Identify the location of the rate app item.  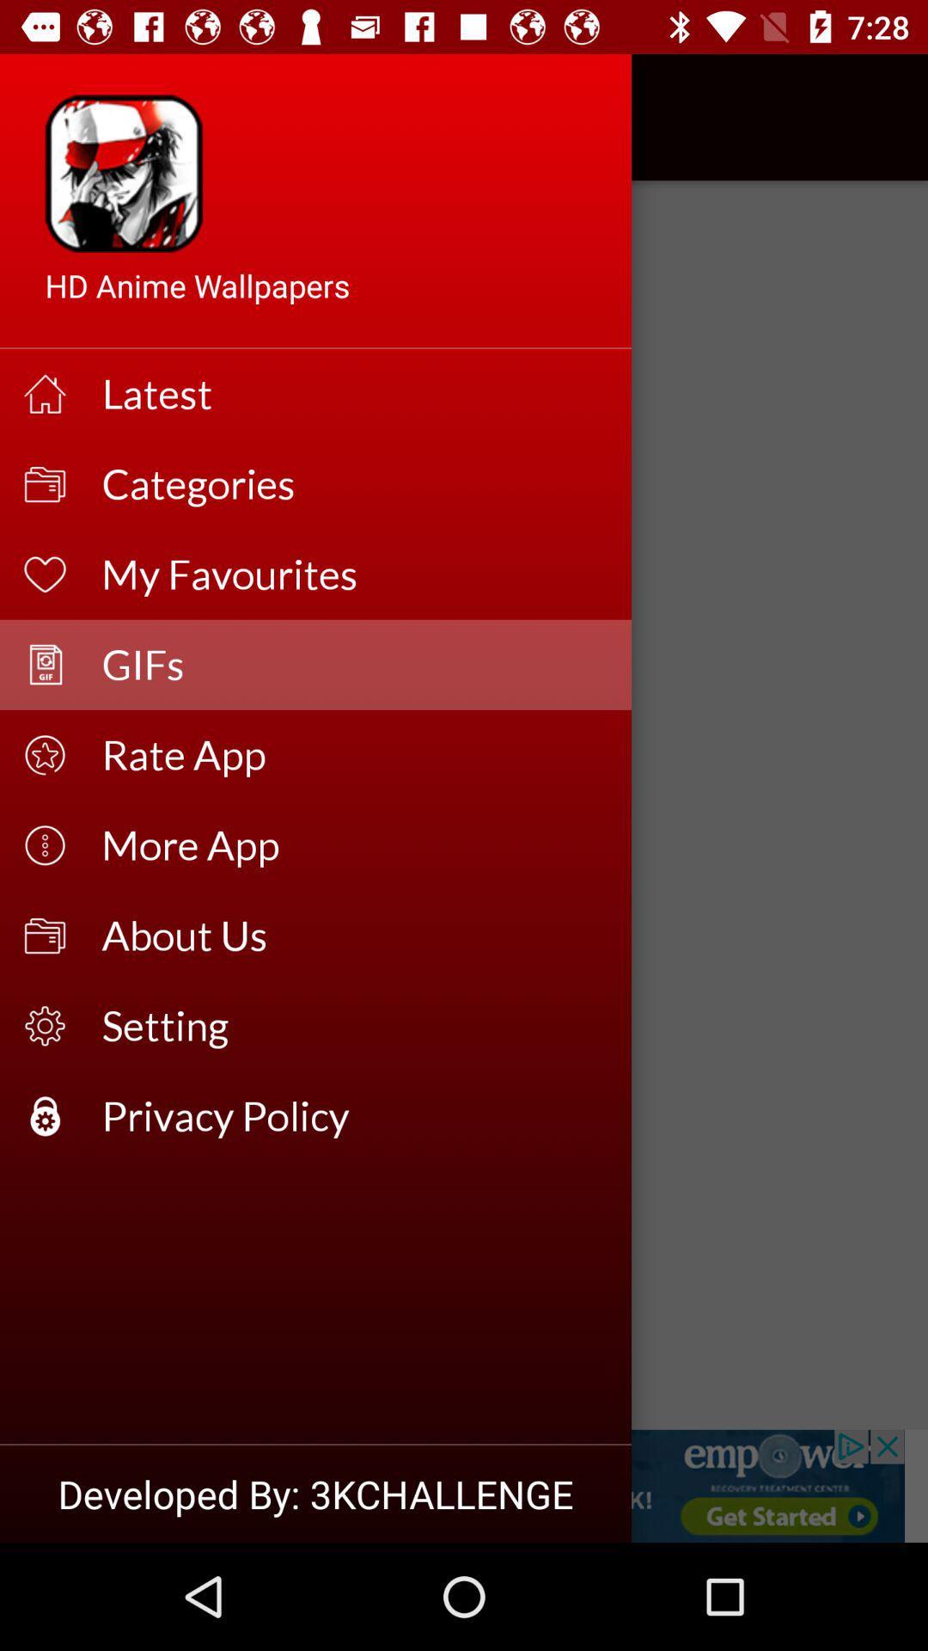
(354, 755).